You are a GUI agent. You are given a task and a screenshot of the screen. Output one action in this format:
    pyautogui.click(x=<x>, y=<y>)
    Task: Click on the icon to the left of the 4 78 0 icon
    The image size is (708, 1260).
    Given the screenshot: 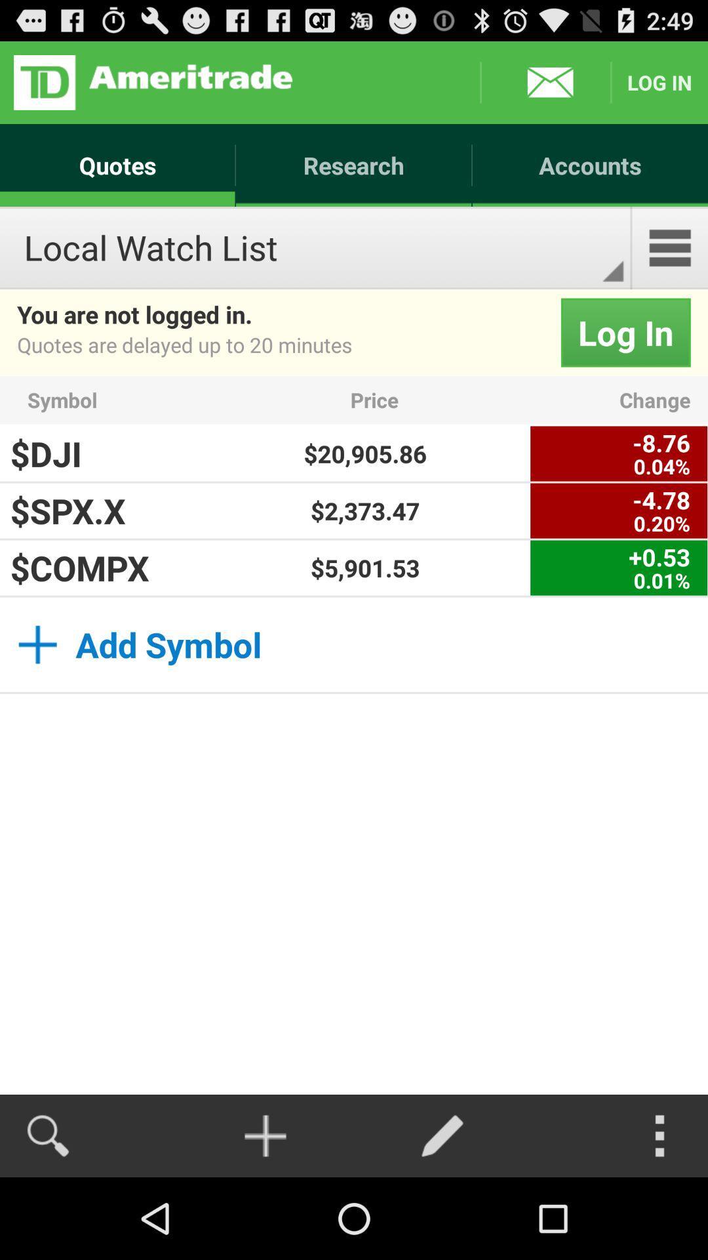 What is the action you would take?
    pyautogui.click(x=365, y=510)
    